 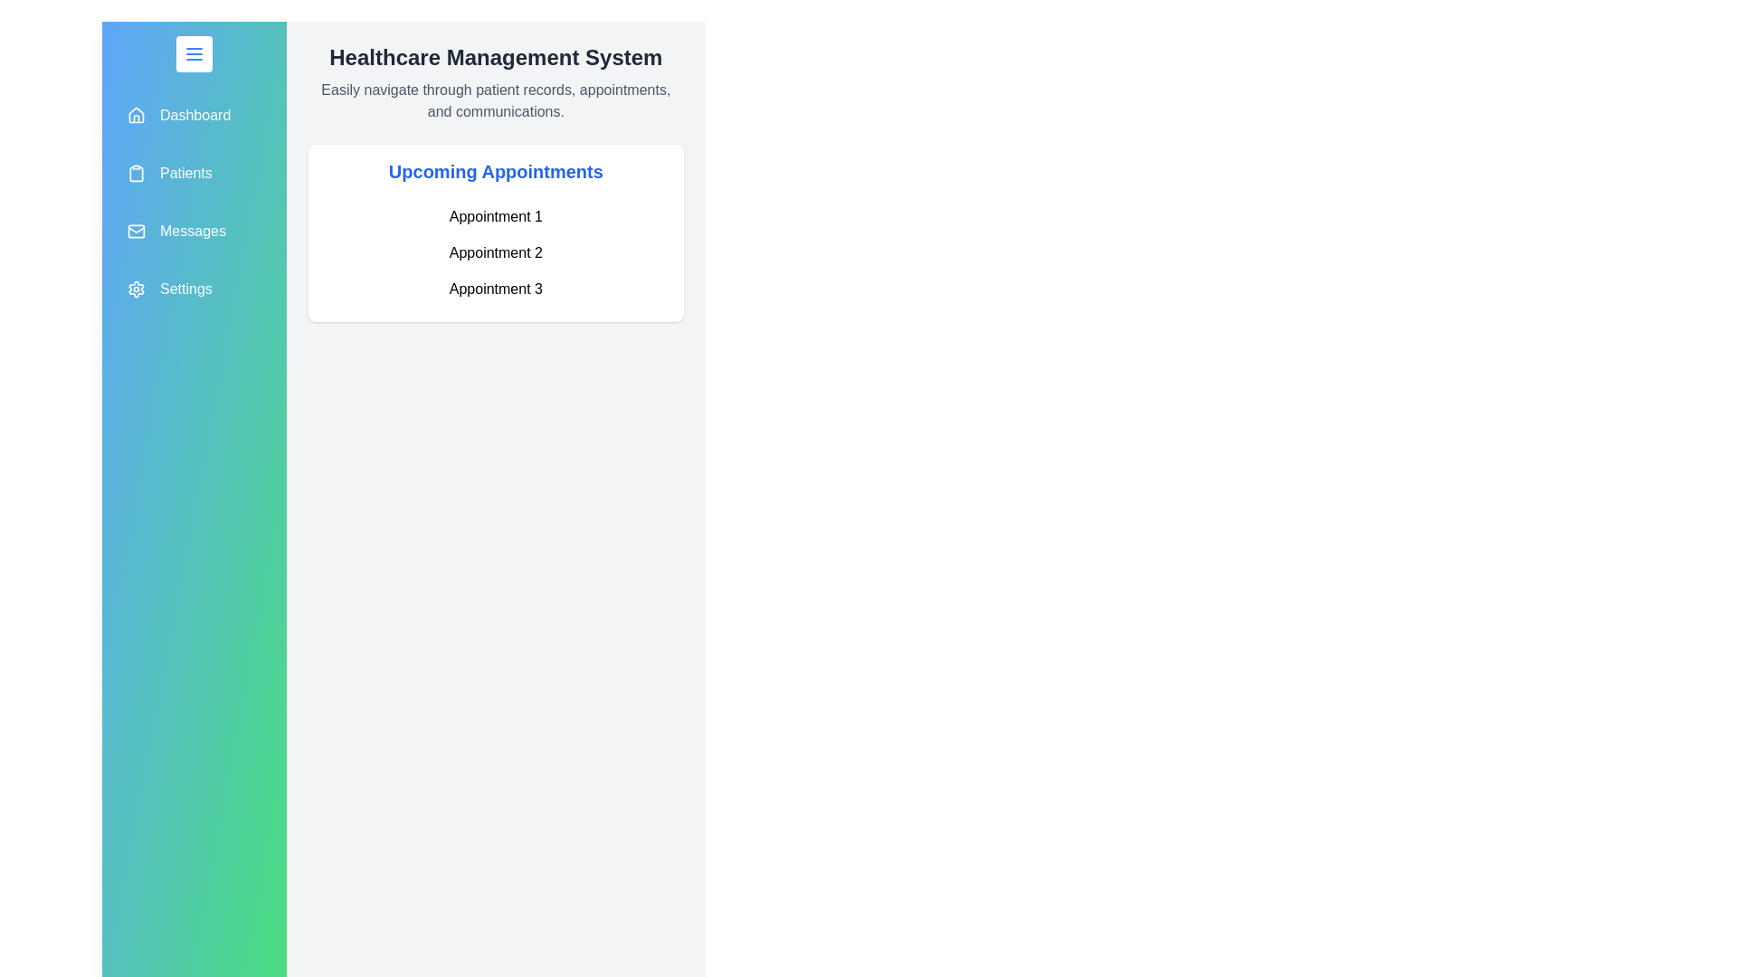 What do you see at coordinates (194, 289) in the screenshot?
I see `the navigation item Settings` at bounding box center [194, 289].